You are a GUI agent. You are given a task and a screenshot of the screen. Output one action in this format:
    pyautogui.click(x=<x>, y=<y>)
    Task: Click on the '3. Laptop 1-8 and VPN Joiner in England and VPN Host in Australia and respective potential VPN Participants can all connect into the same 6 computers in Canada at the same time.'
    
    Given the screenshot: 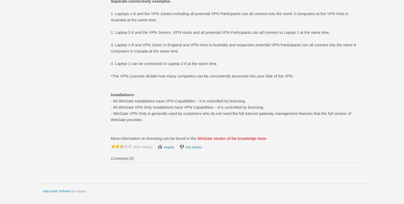 What is the action you would take?
    pyautogui.click(x=233, y=48)
    